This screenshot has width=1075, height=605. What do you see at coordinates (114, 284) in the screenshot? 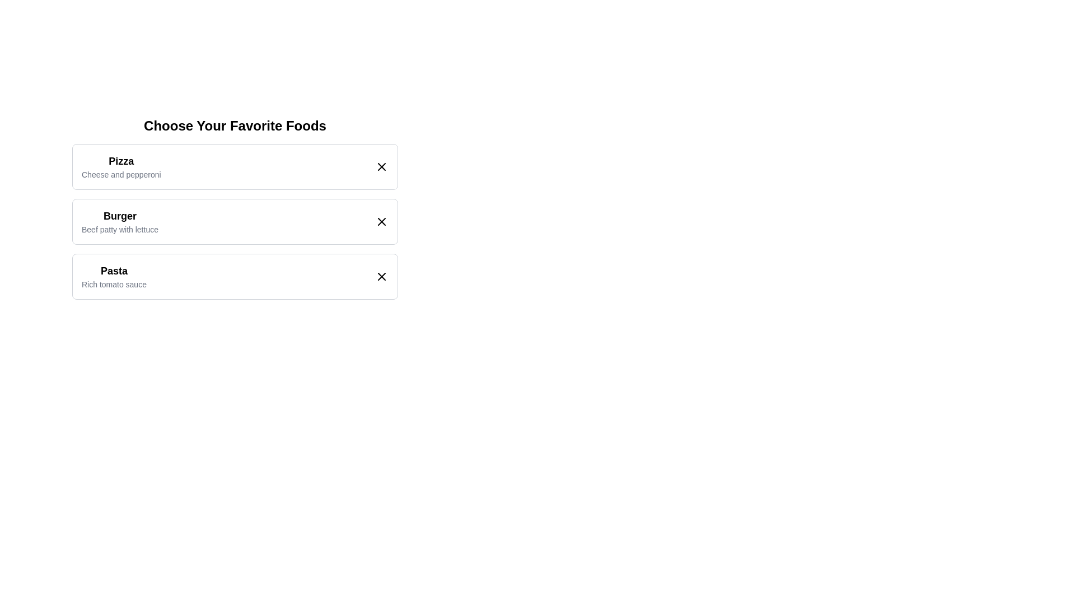
I see `the text label displaying 'Rich tomato sauce', which is positioned below the 'Pasta' title in the last section of the list` at bounding box center [114, 284].